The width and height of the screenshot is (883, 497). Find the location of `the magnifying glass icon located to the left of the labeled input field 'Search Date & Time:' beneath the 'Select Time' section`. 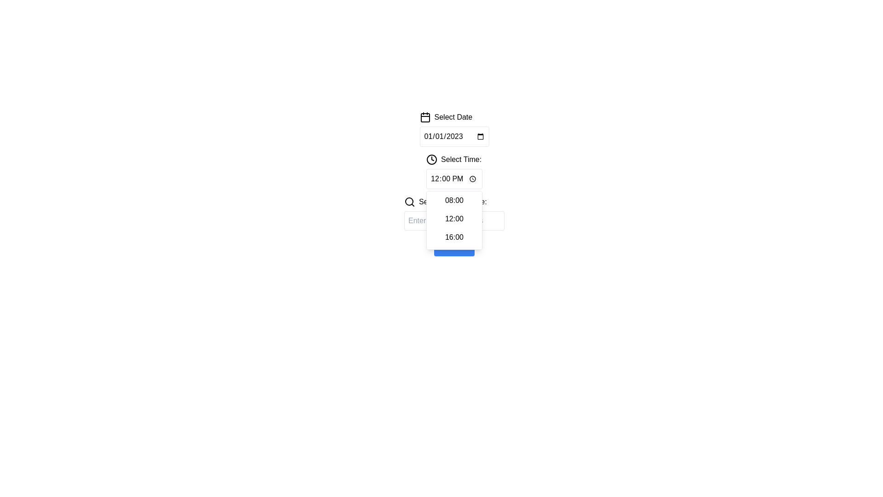

the magnifying glass icon located to the left of the labeled input field 'Search Date & Time:' beneath the 'Select Time' section is located at coordinates (454, 213).